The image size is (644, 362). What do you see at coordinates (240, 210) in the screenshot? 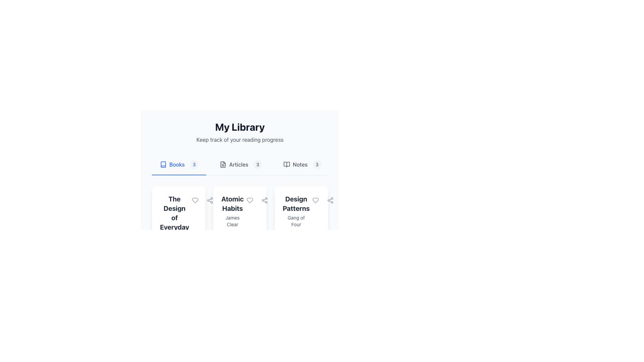
I see `the central book card displaying the title and author in 'My Library'` at bounding box center [240, 210].